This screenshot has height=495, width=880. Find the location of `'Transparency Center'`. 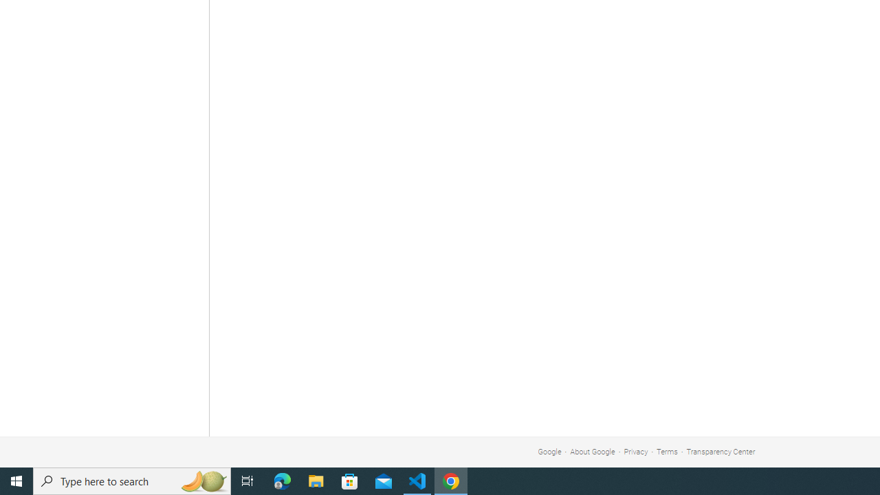

'Transparency Center' is located at coordinates (720, 452).